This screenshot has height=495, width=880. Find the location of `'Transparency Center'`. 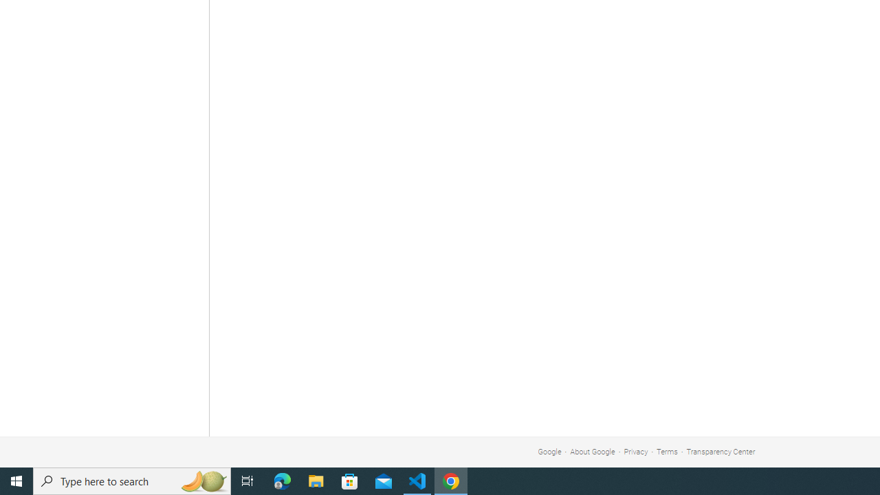

'Transparency Center' is located at coordinates (720, 452).